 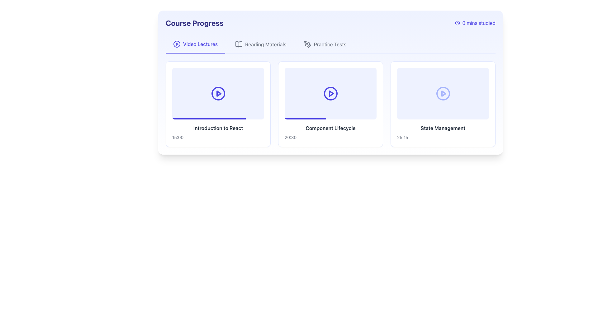 I want to click on the play button on the second video thumbnail, which is styled as a light blue rectangular area with rounded corners, featuring an indigo play icon centered inside a circular outline, so click(x=330, y=93).